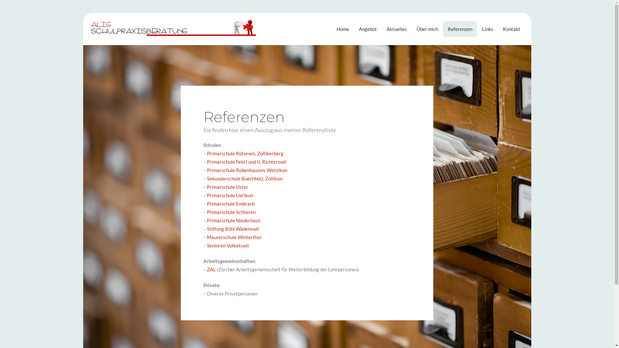 This screenshot has width=619, height=348. What do you see at coordinates (207, 179) in the screenshot?
I see `'Sekundarschule Buechholz, Zollikon'` at bounding box center [207, 179].